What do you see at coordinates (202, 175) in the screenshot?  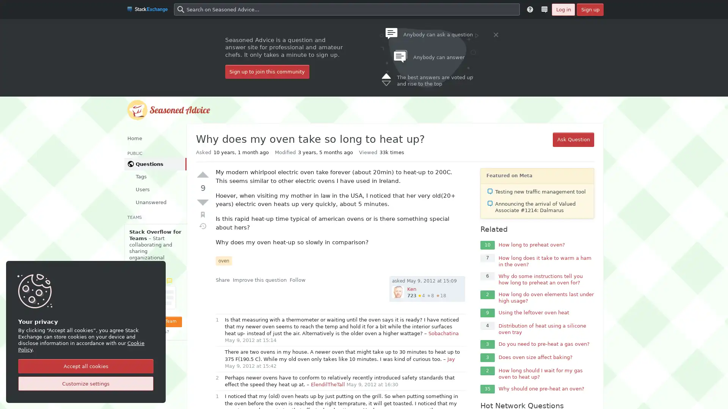 I see `Up vote` at bounding box center [202, 175].